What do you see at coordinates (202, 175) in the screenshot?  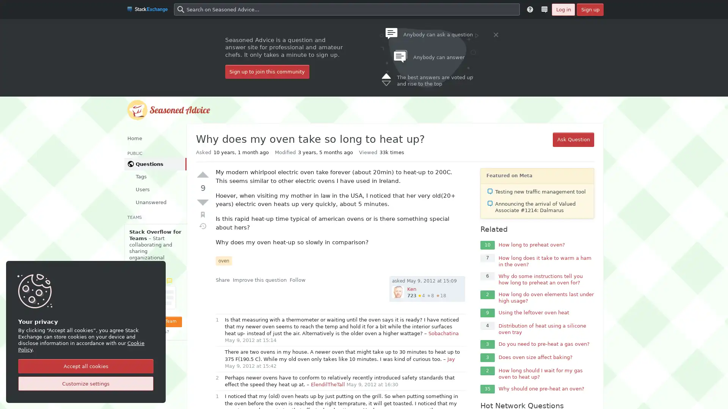 I see `Up vote` at bounding box center [202, 175].